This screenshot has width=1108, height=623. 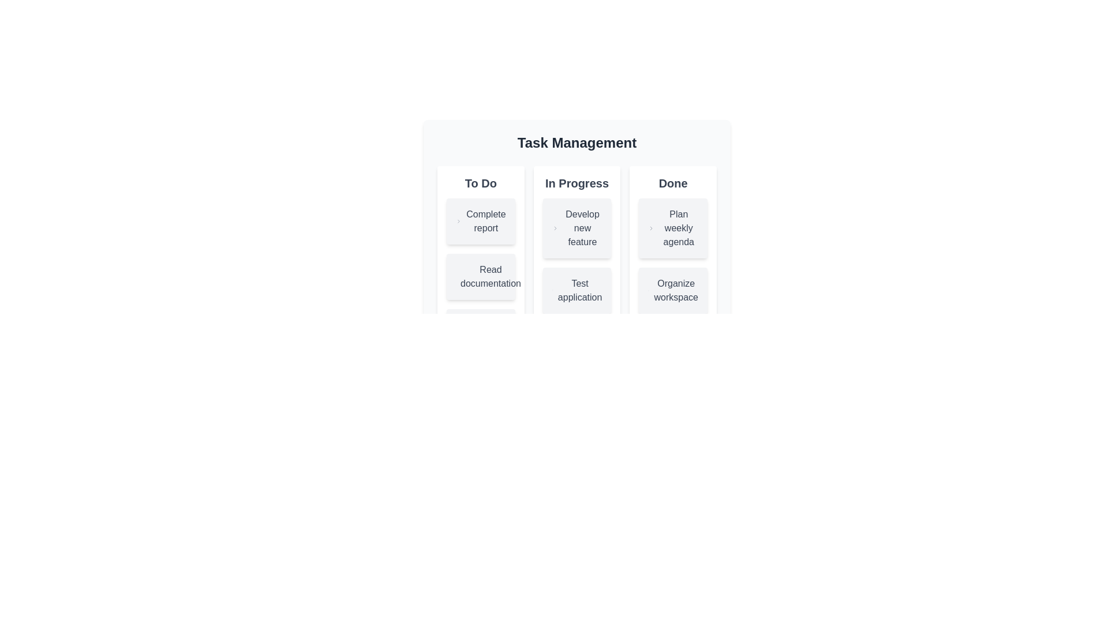 What do you see at coordinates (577, 272) in the screenshot?
I see `the static informational card element labeled 'Test application' in the 'In Progress' section` at bounding box center [577, 272].